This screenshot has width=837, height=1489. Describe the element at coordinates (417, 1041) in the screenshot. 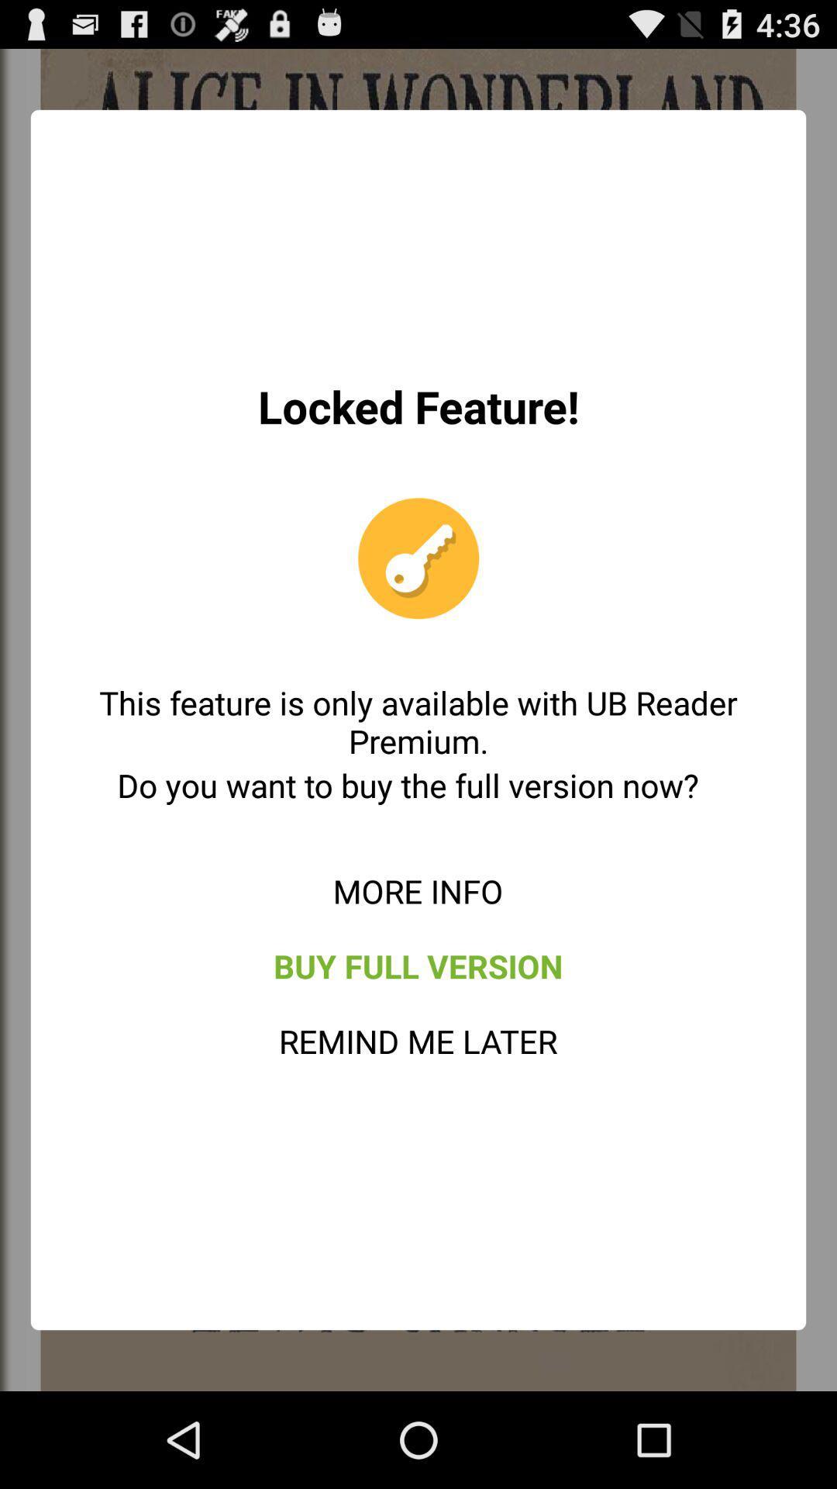

I see `the remind me later` at that location.